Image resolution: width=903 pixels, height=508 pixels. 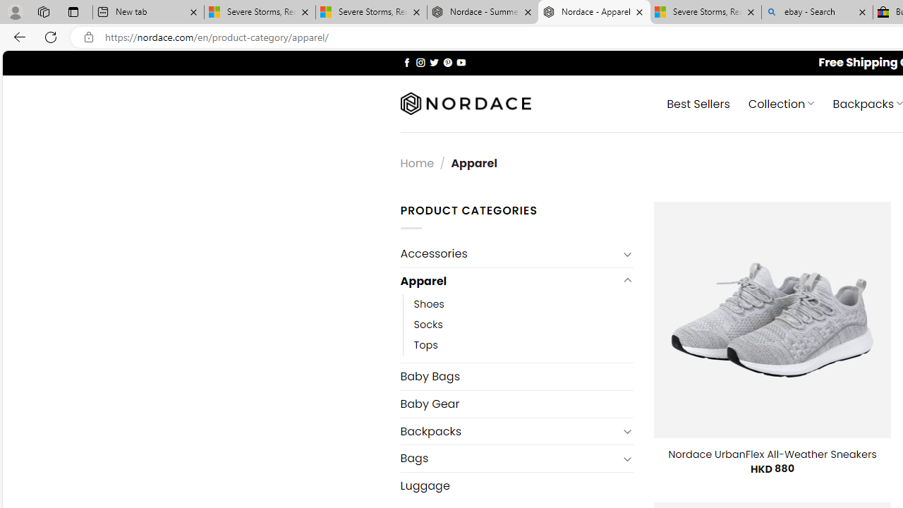 I want to click on 'Nordace - Apparel', so click(x=594, y=12).